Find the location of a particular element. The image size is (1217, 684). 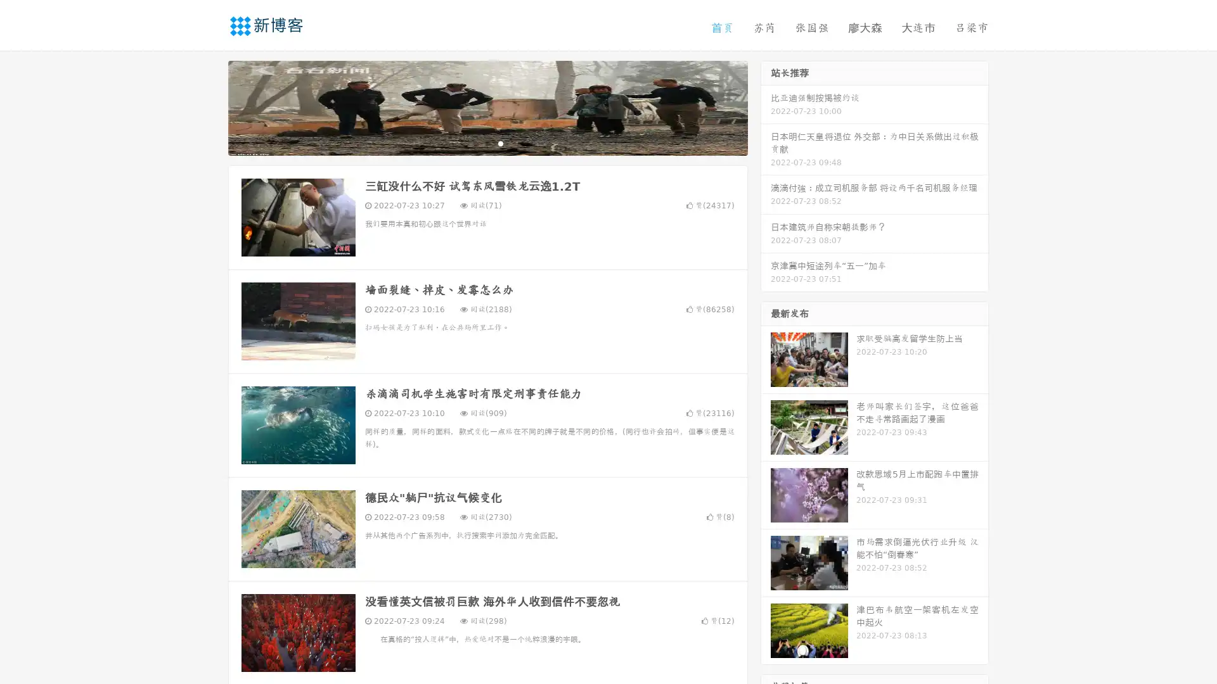

Go to slide 2 is located at coordinates (487, 142).